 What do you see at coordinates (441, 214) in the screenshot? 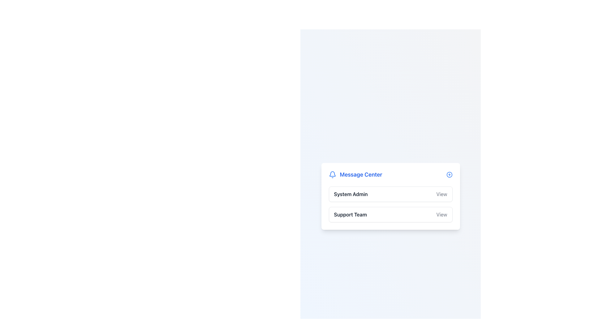
I see `the 'View' button located to the right of the 'Support Team' text in the Message Center header` at bounding box center [441, 214].